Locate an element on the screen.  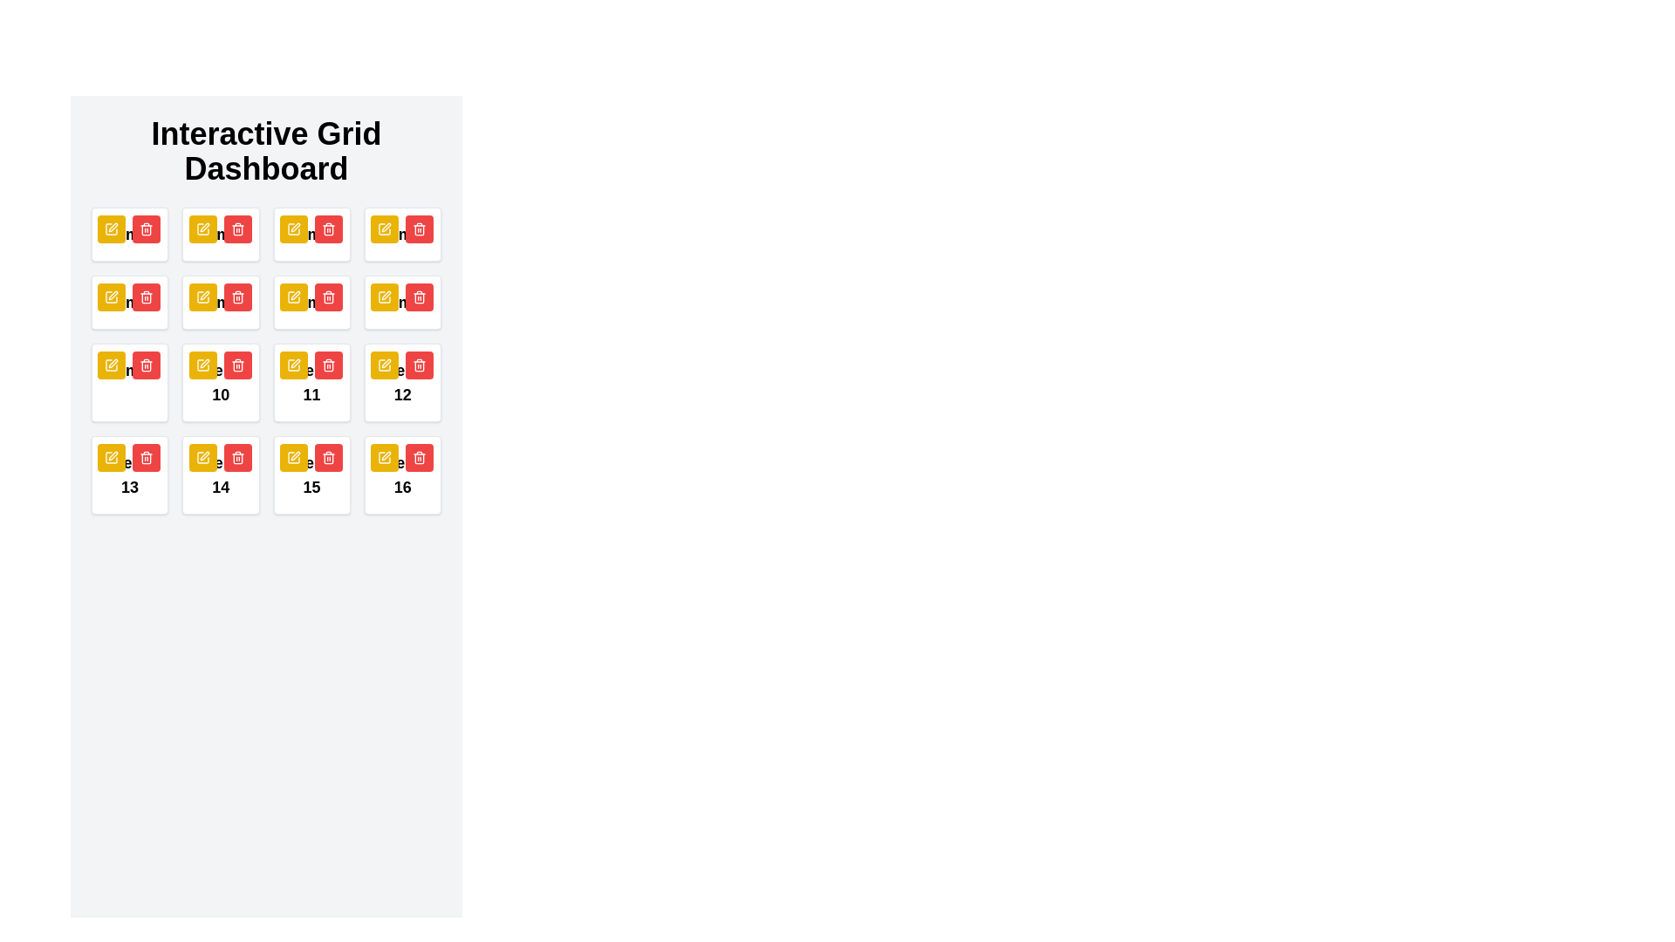
the edit button located in the bottom row of the UI grid, positioned as the first element of card 13 is located at coordinates (111, 456).